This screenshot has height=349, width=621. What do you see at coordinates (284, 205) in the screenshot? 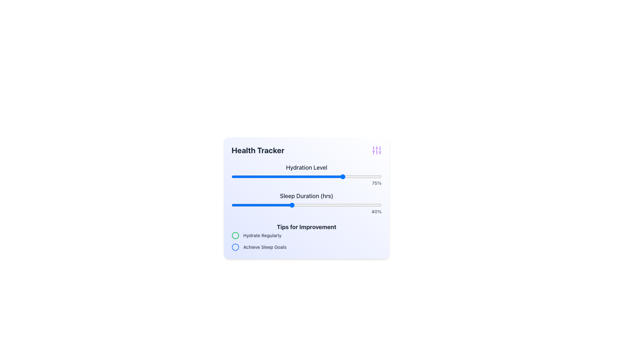
I see `the sleep duration` at bounding box center [284, 205].